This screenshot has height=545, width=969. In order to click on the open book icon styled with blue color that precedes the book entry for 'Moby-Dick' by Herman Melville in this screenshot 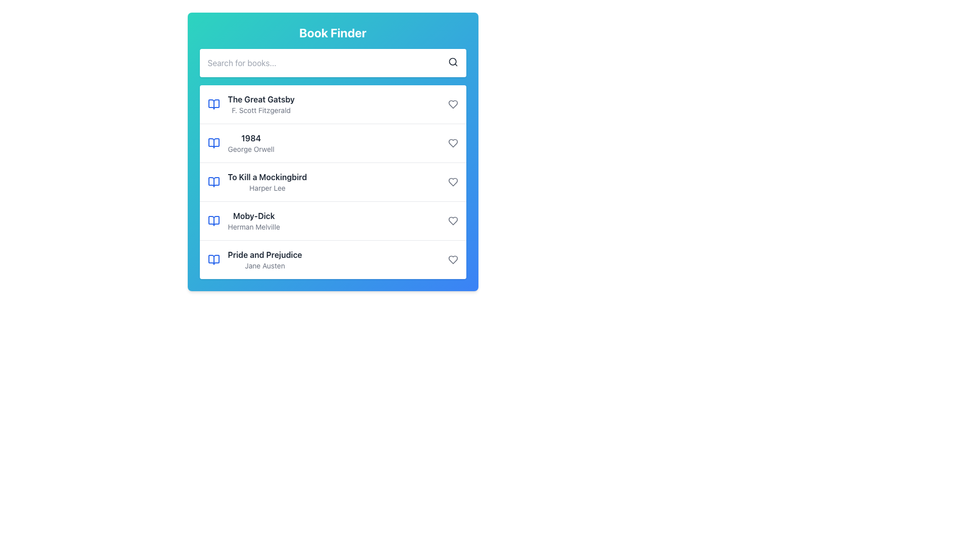, I will do `click(213, 221)`.